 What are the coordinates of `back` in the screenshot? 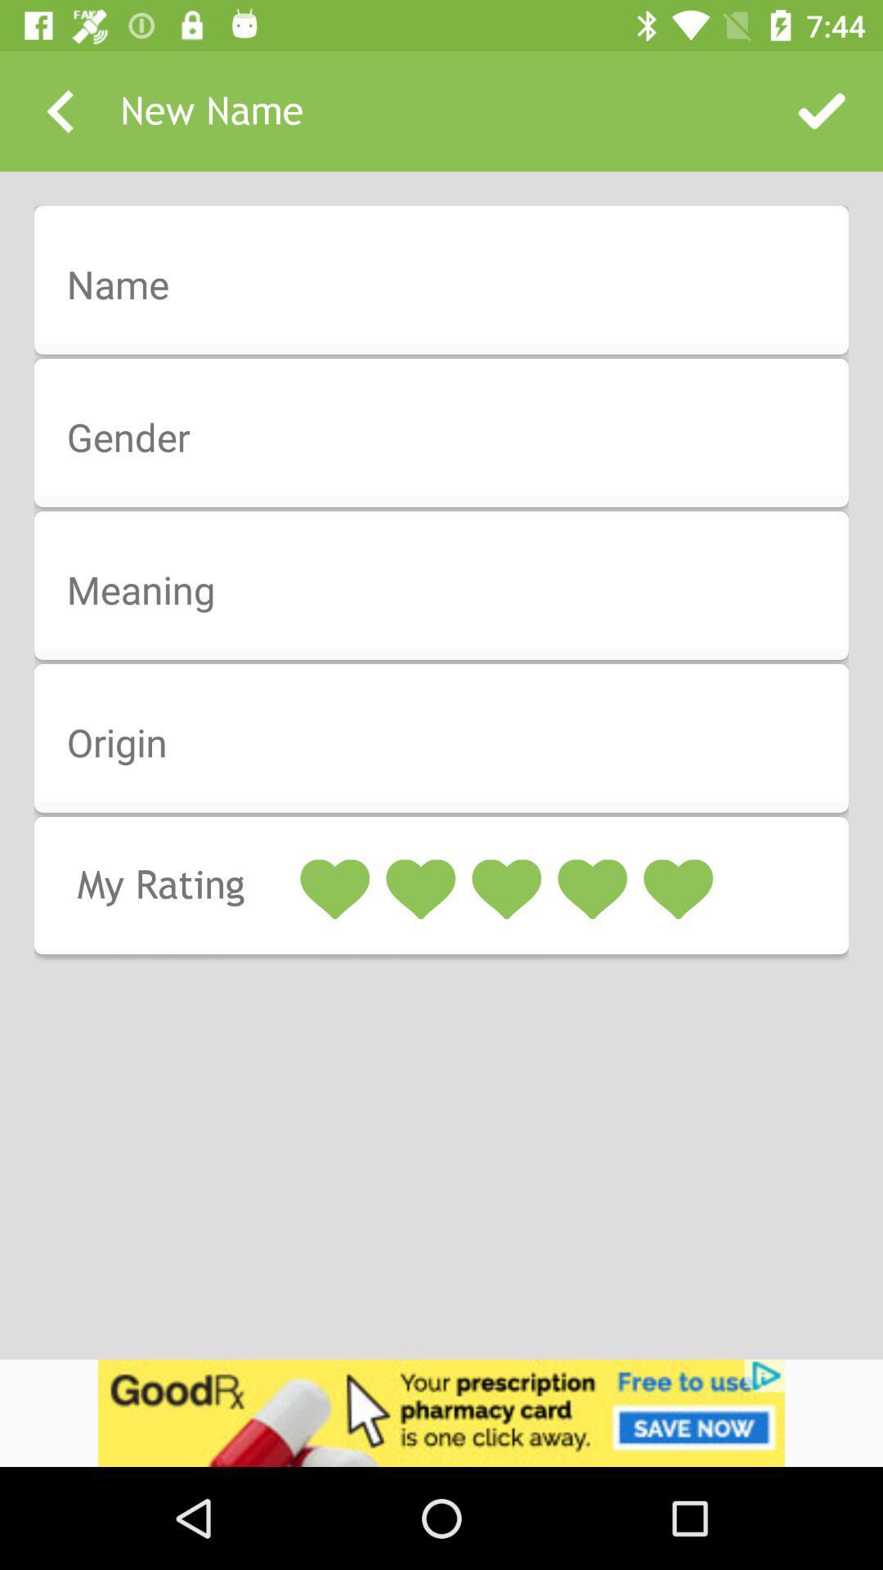 It's located at (59, 110).